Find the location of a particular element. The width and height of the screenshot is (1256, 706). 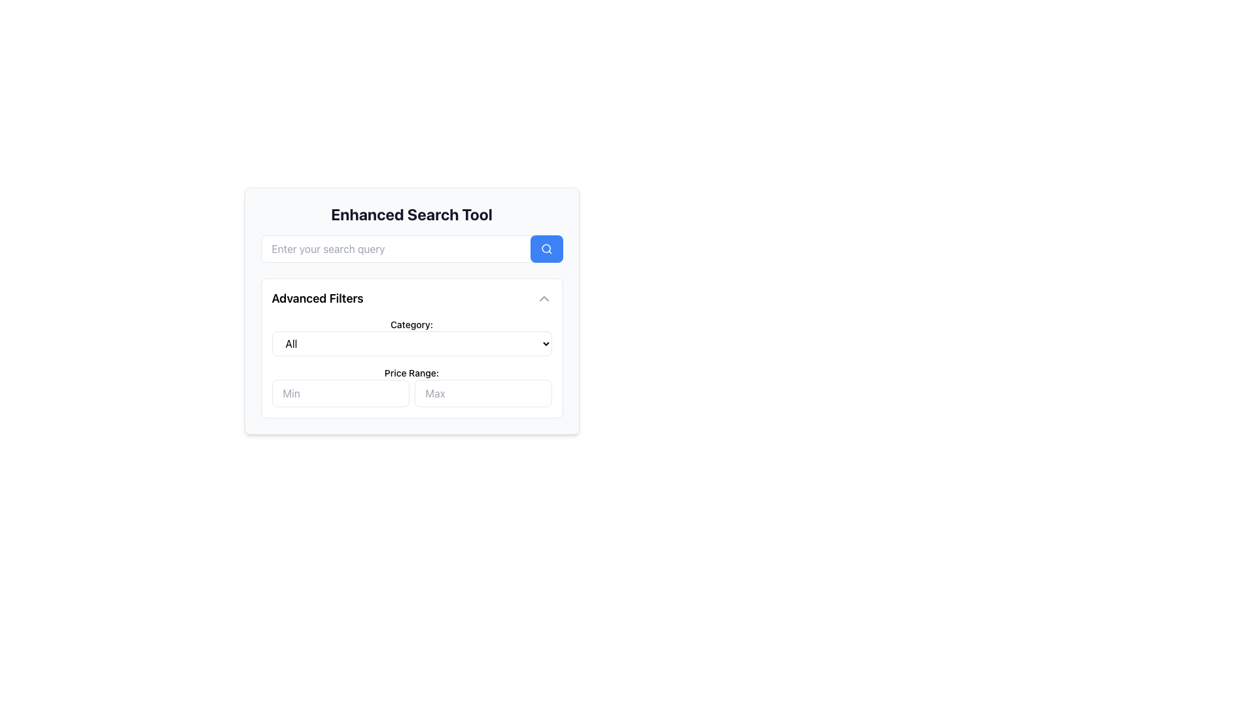

the blue button with rounded edges on the right side of the search input field is located at coordinates (546, 249).